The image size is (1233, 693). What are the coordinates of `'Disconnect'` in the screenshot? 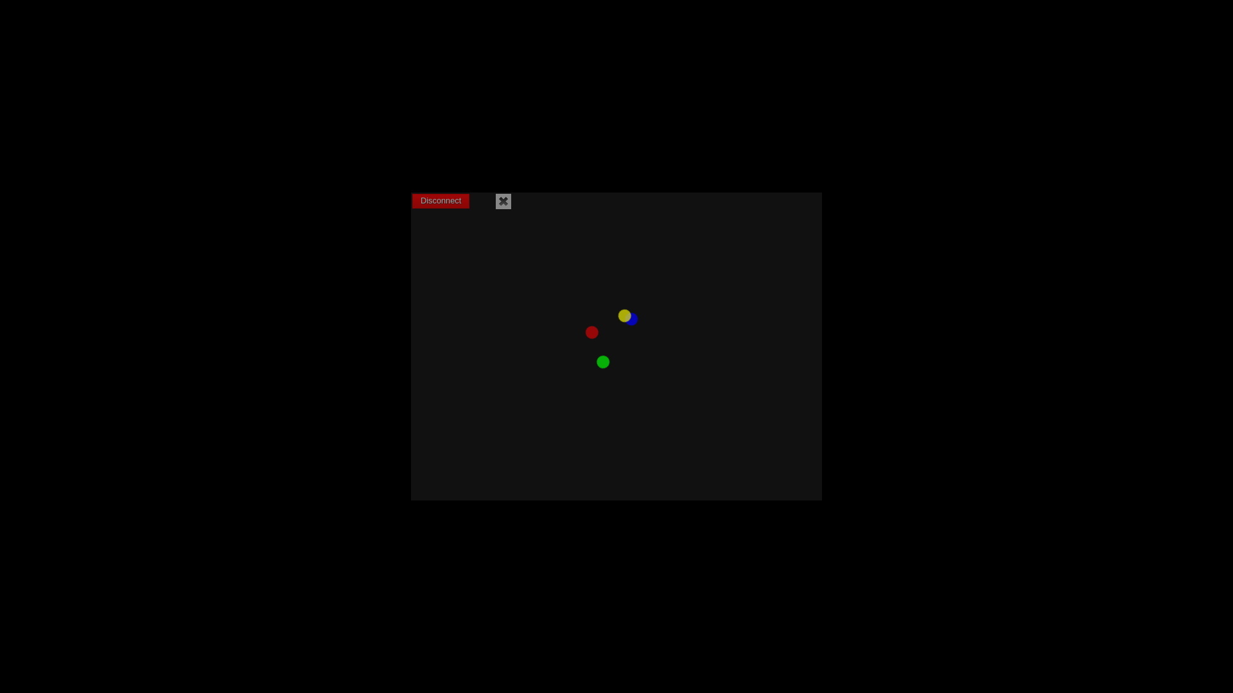 It's located at (441, 201).